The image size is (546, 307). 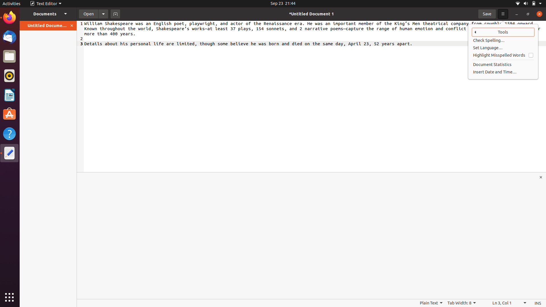 What do you see at coordinates (431, 303) in the screenshot?
I see `Switch the filetype to HTML` at bounding box center [431, 303].